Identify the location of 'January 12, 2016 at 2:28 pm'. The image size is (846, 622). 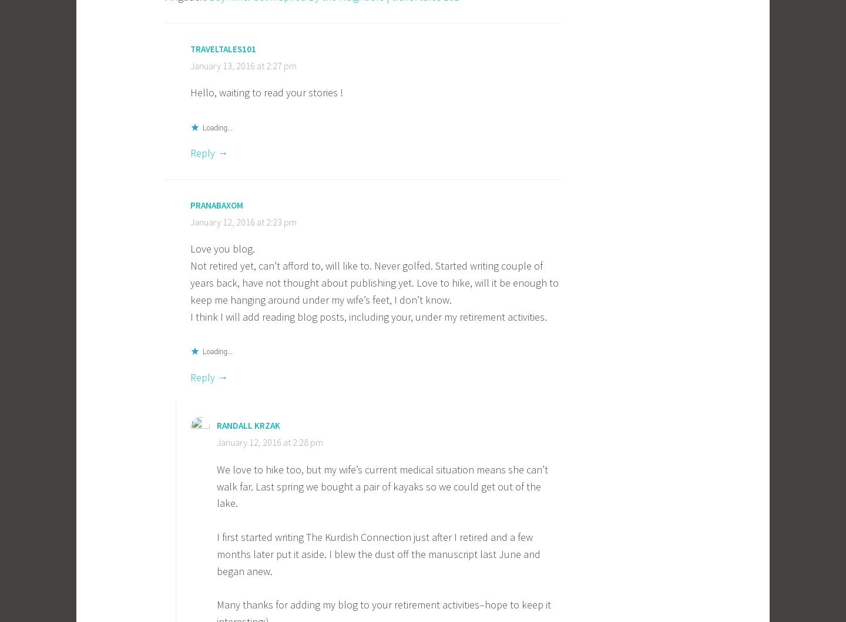
(270, 441).